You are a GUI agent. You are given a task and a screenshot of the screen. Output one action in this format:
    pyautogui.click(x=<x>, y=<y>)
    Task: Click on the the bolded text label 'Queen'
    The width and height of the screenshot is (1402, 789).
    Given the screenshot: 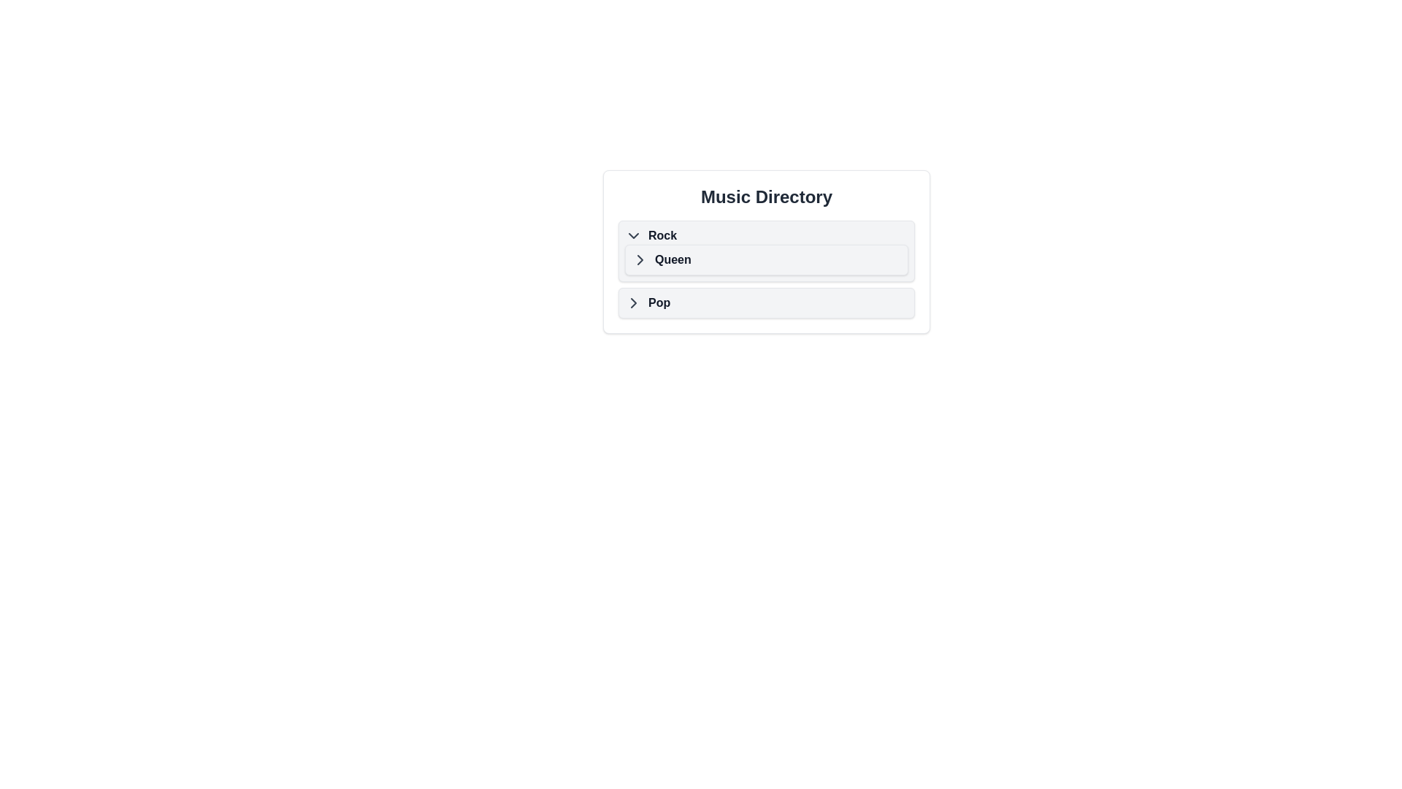 What is the action you would take?
    pyautogui.click(x=672, y=259)
    